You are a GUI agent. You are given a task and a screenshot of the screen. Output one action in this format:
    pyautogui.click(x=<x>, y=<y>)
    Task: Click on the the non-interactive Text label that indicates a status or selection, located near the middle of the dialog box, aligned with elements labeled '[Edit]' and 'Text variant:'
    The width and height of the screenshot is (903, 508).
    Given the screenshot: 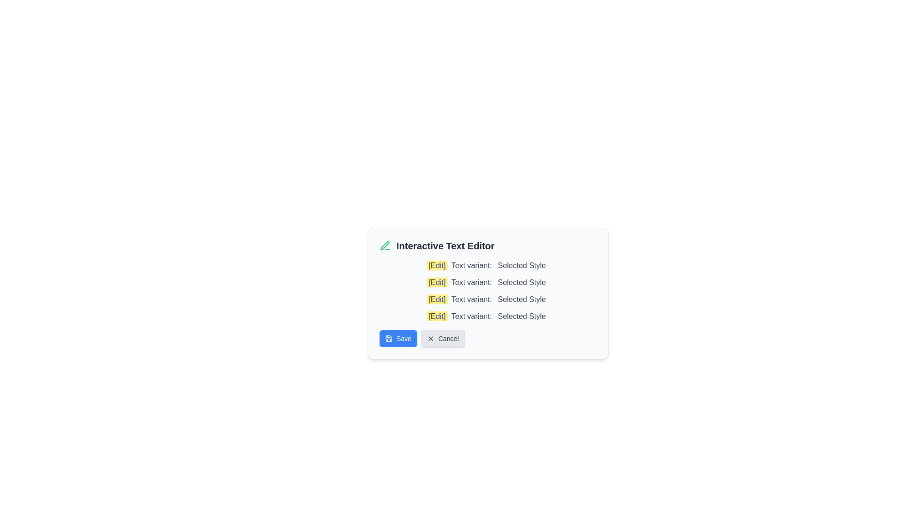 What is the action you would take?
    pyautogui.click(x=521, y=282)
    